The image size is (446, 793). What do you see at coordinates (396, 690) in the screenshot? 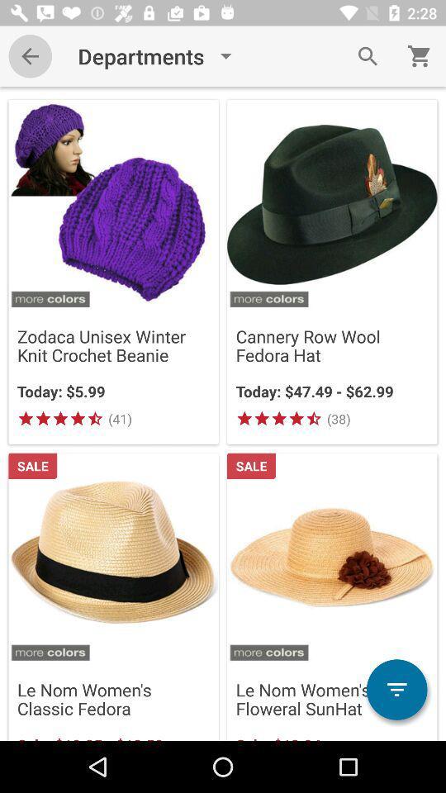
I see `the filter_list icon` at bounding box center [396, 690].